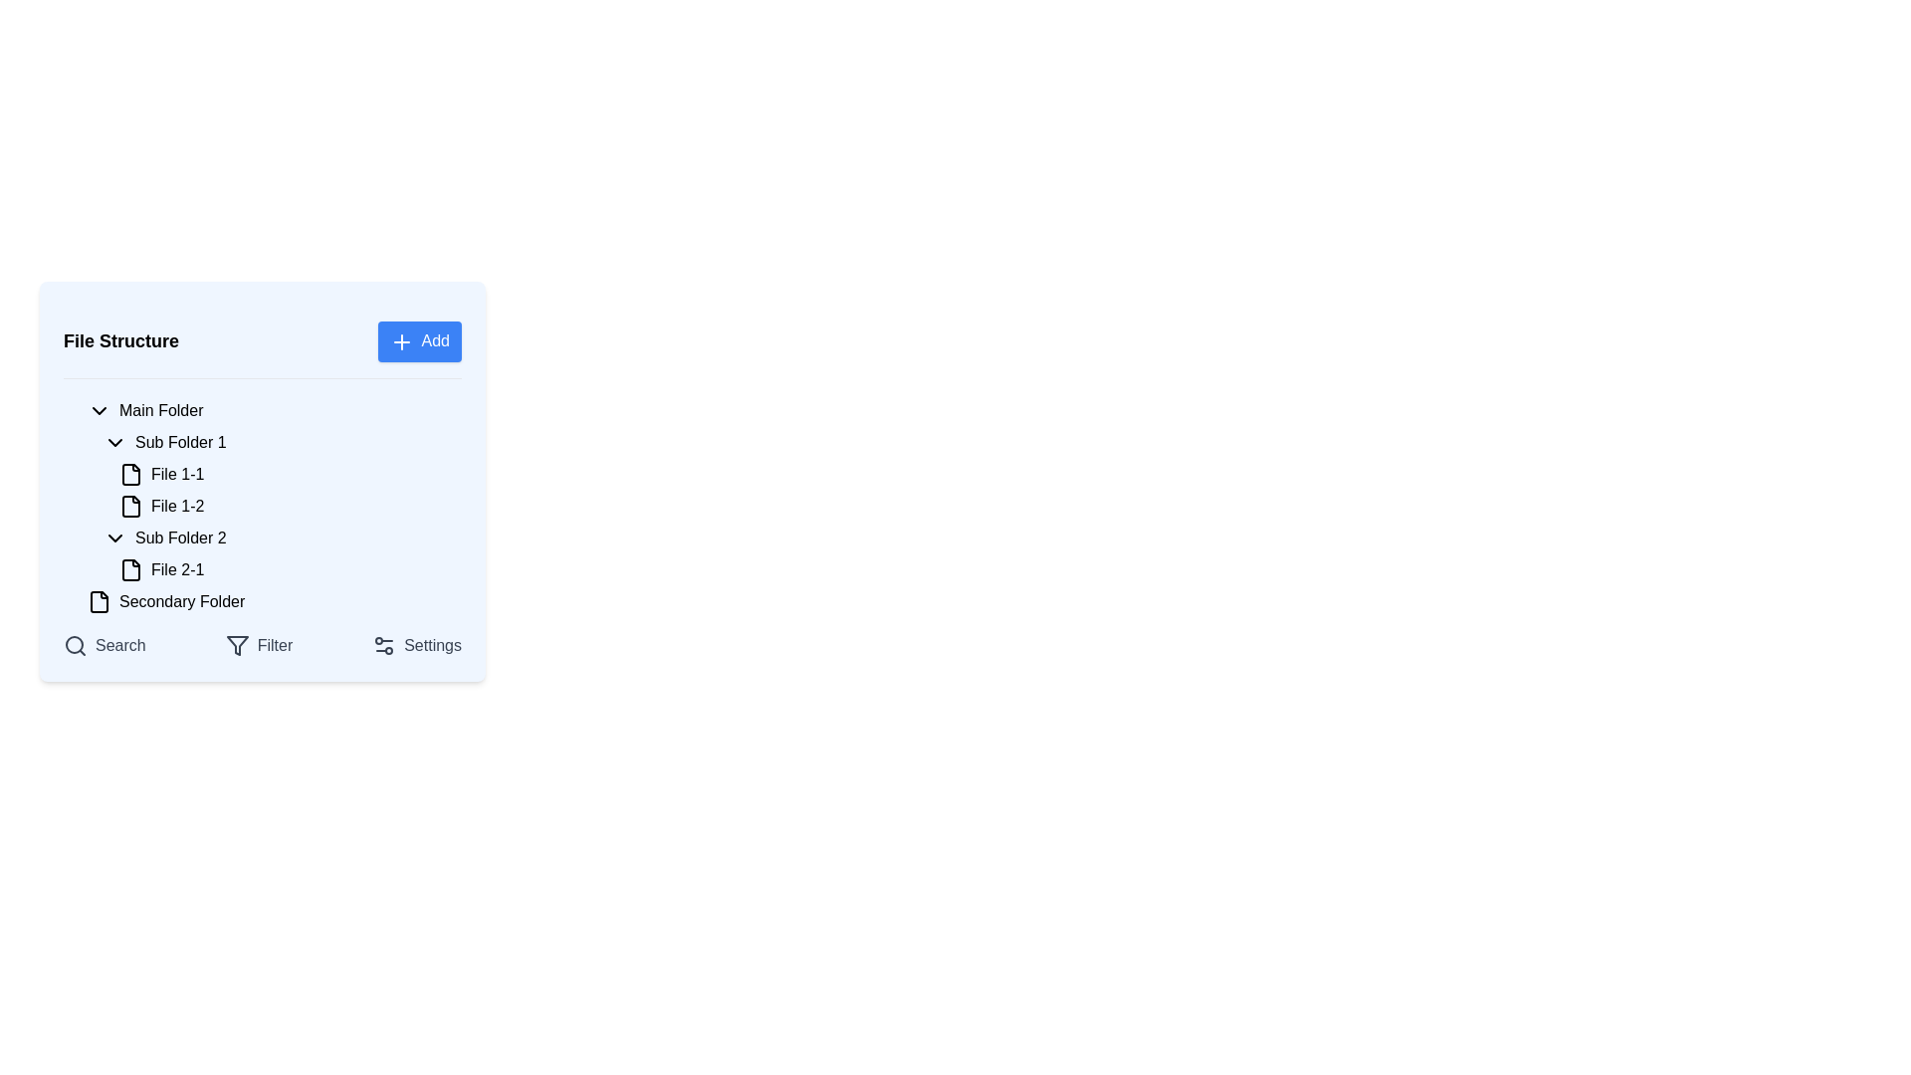  Describe the element at coordinates (270, 409) in the screenshot. I see `the 'Main Folder' item located at the top of the file structure panel` at that location.